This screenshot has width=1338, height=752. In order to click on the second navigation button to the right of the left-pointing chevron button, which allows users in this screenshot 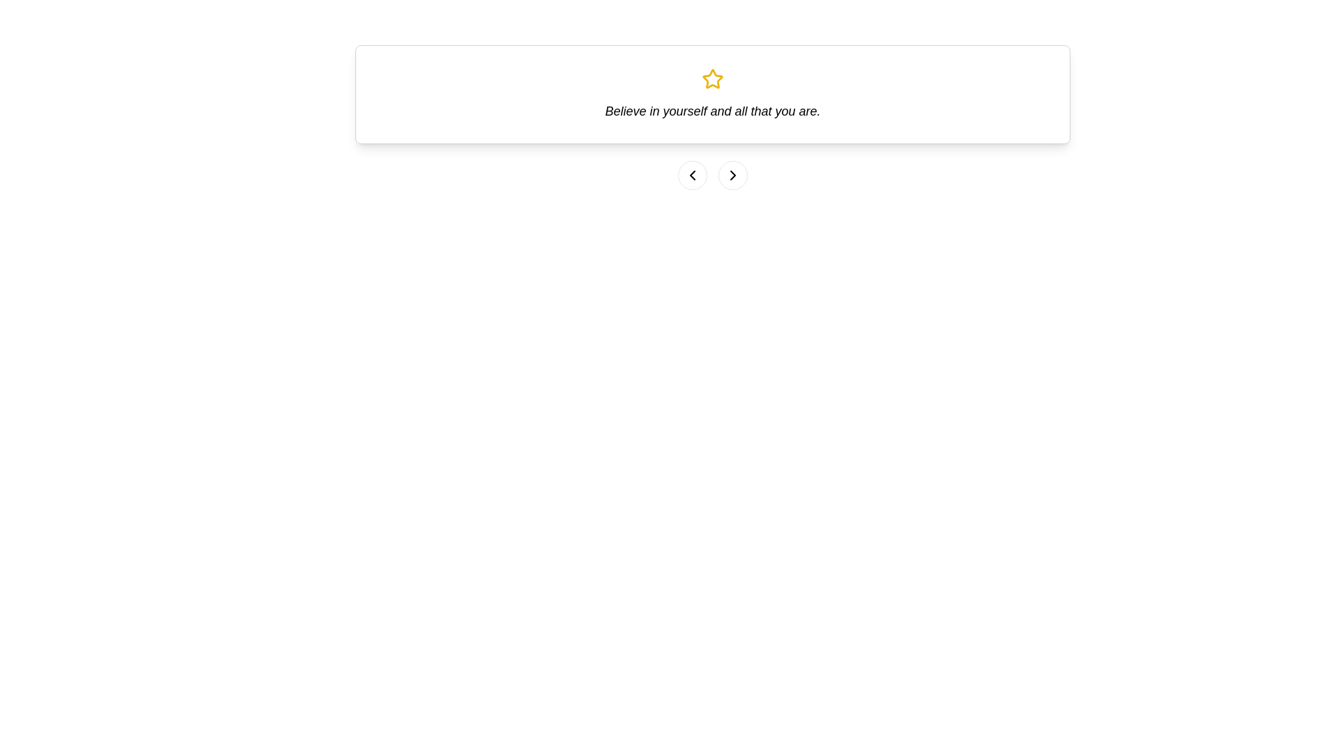, I will do `click(732, 174)`.